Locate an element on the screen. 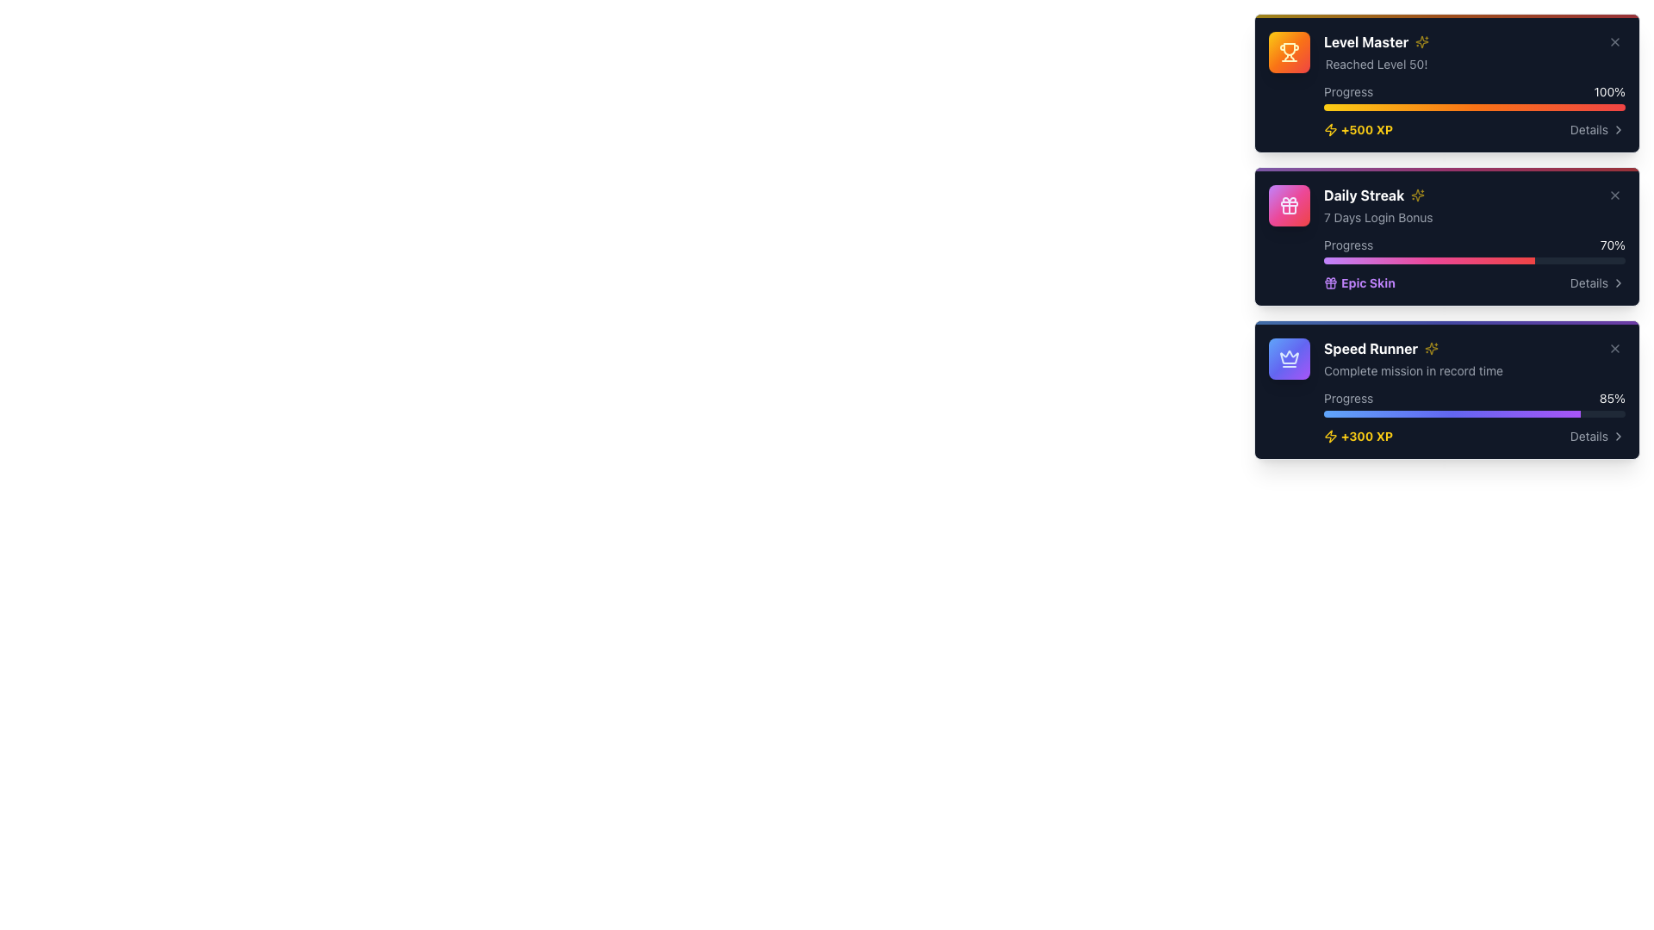 The width and height of the screenshot is (1654, 930). the label at the top of the first card in the stacked list, which summarizes the achievement of reaching Level 50 is located at coordinates (1376, 41).